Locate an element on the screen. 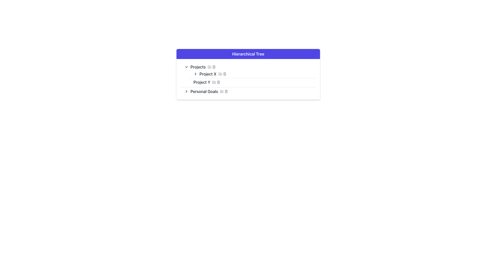  the 'Add Item' button, which is the first icon to the right of the 'Projects' label in the hierarchical tree interface is located at coordinates (209, 66).